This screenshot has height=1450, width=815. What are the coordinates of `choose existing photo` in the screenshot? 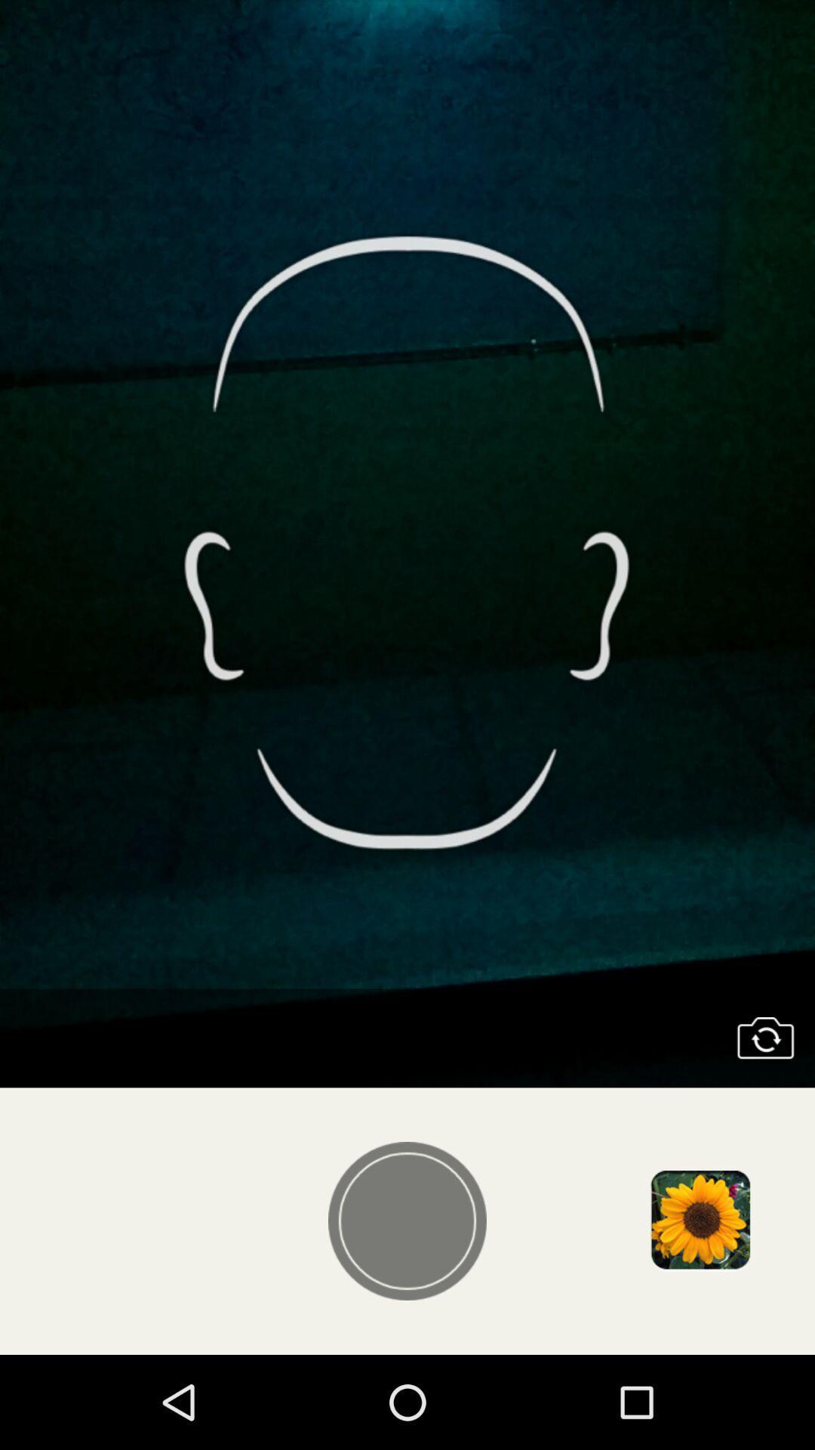 It's located at (700, 1221).